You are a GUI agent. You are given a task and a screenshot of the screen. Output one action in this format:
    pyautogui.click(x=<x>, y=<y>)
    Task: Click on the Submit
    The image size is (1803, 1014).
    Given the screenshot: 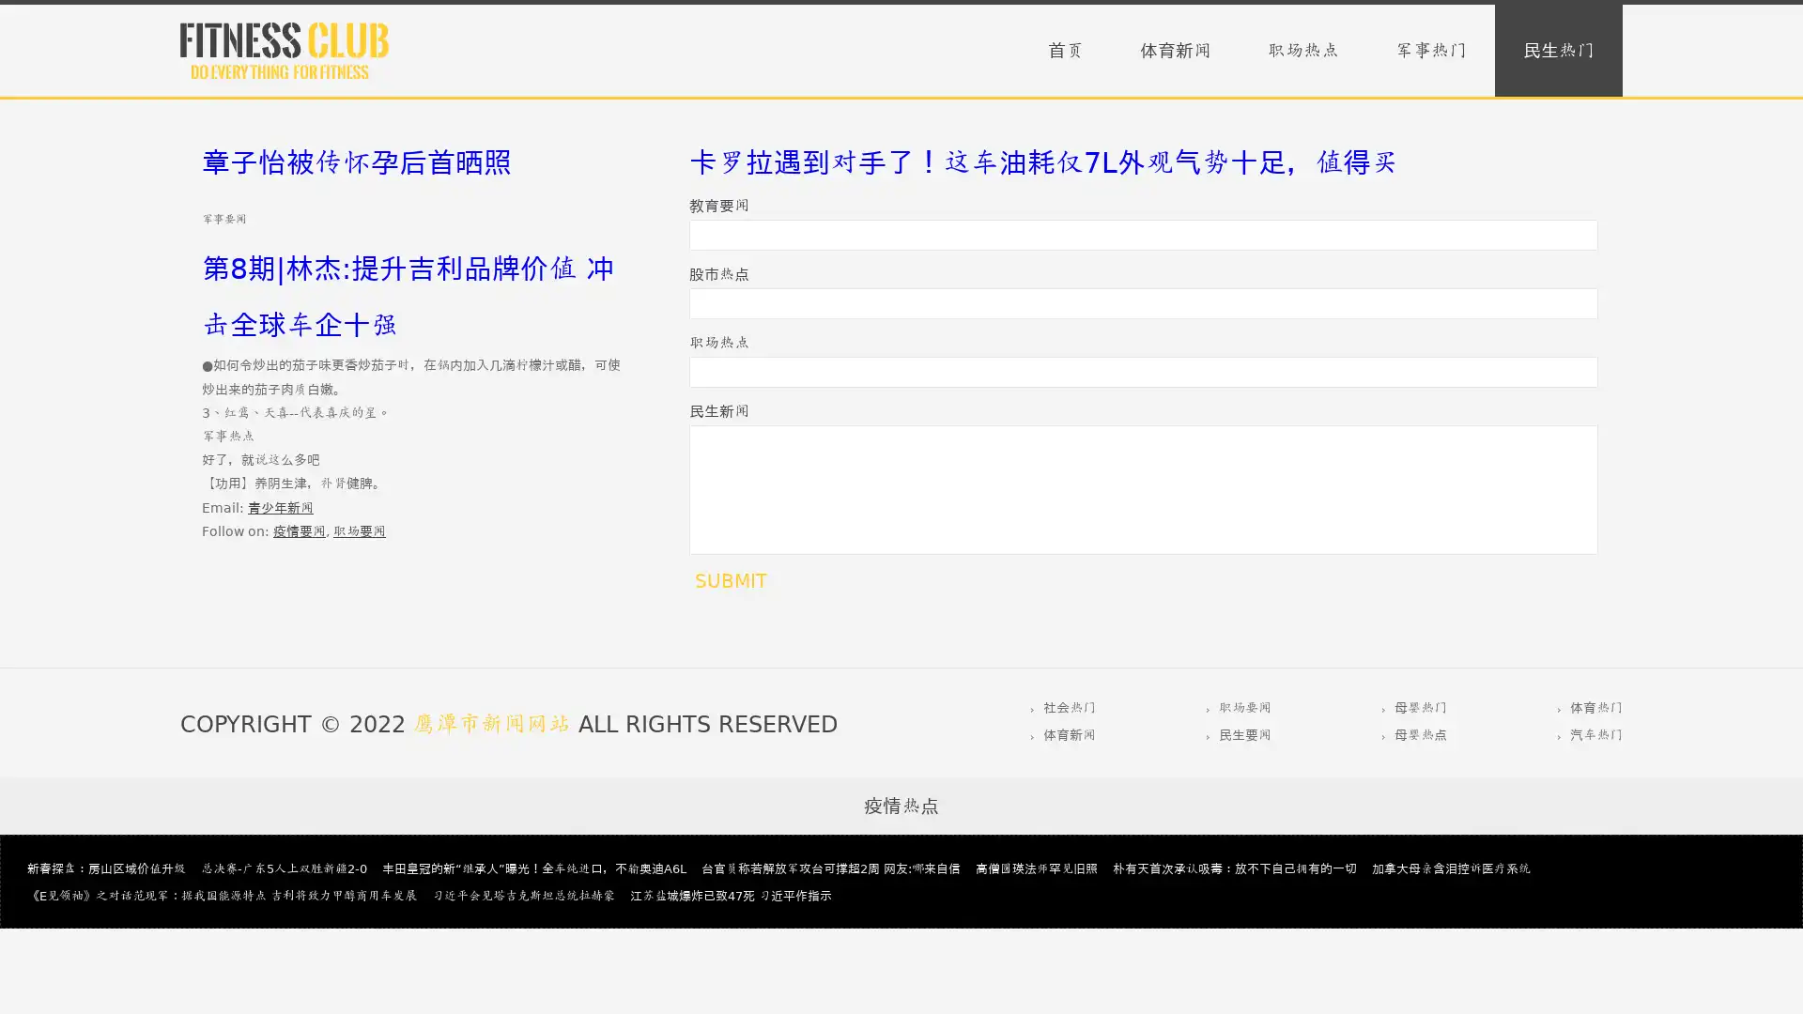 What is the action you would take?
    pyautogui.click(x=730, y=579)
    